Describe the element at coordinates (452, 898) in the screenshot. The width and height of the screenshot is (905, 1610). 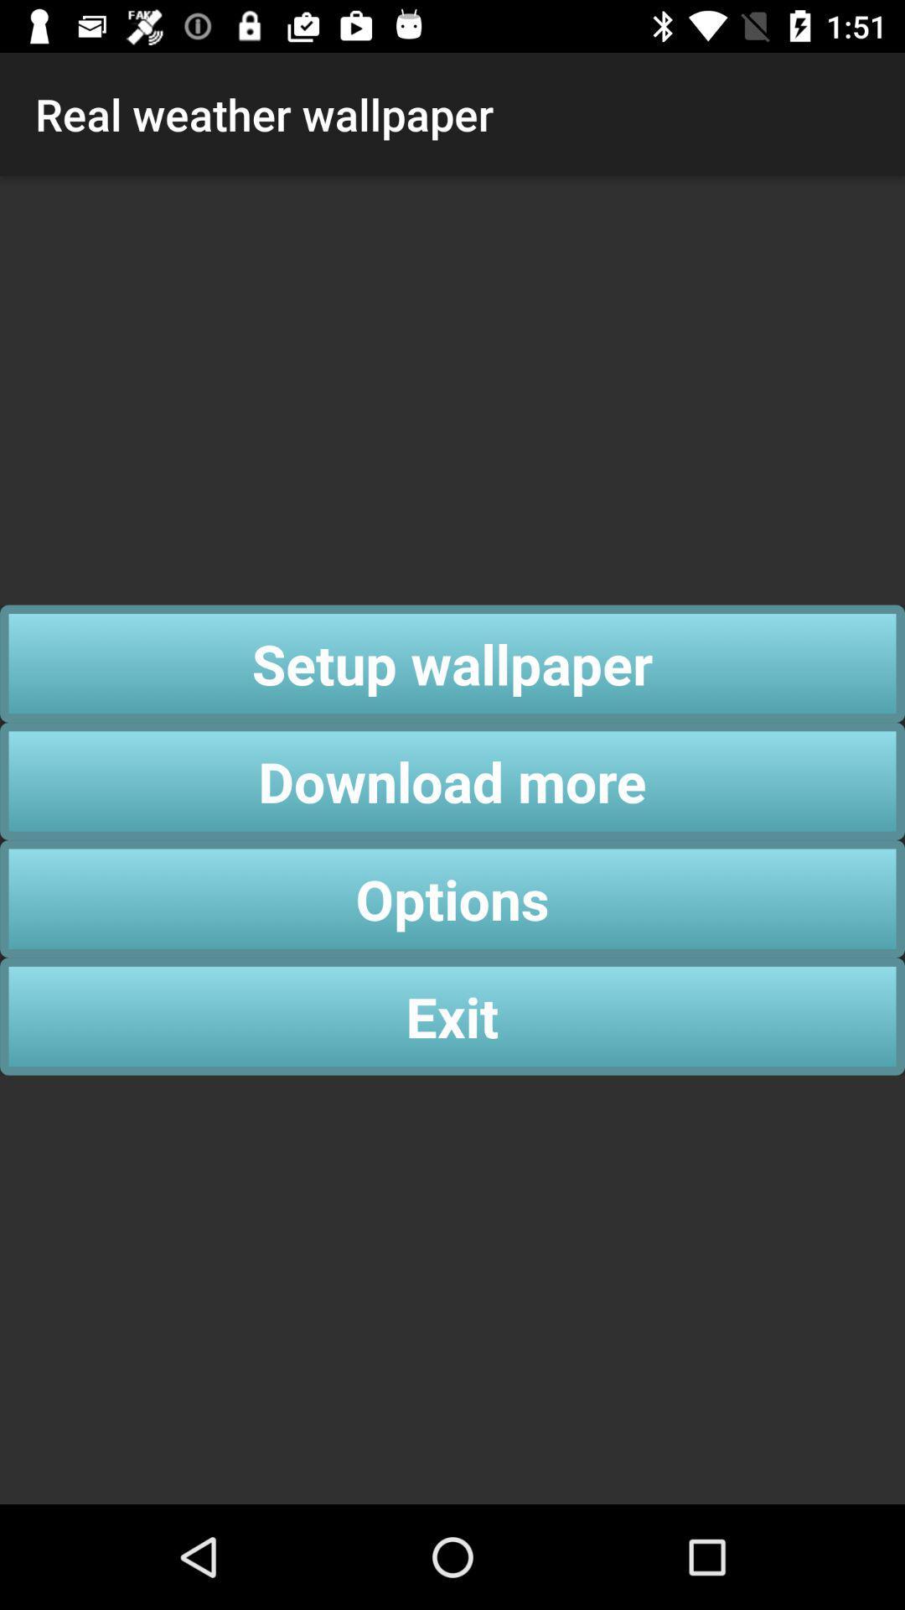
I see `icon below download more` at that location.